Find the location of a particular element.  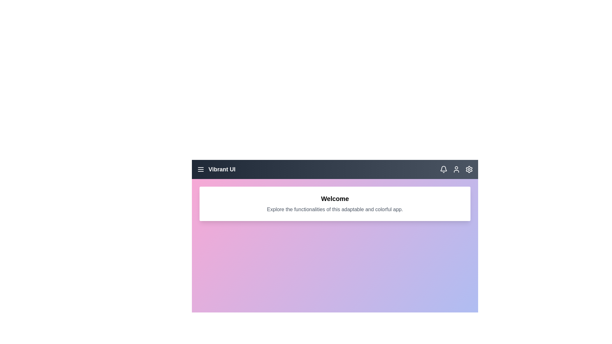

the background gradient of the VibrantAppBar component is located at coordinates (335, 331).